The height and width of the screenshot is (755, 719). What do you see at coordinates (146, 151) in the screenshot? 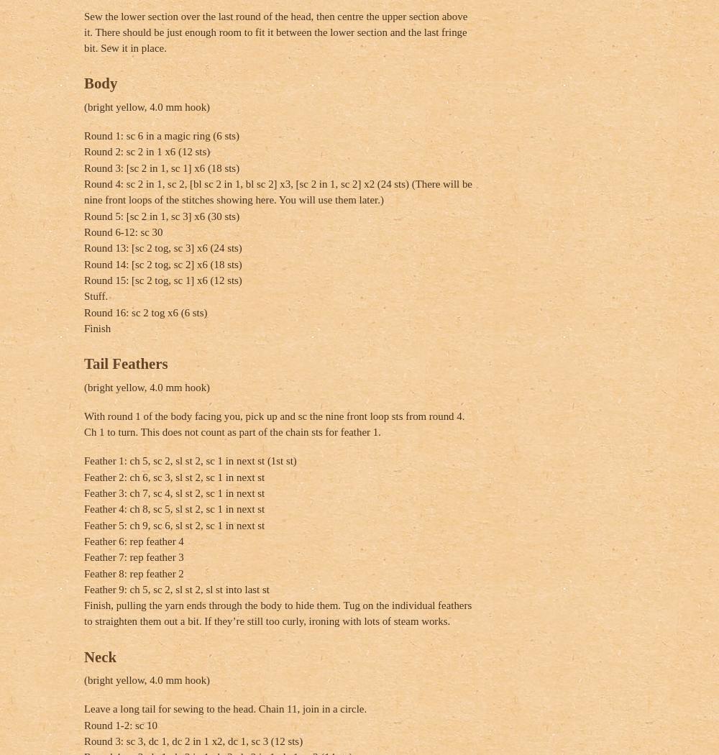
I see `'Round 2: sc 2 in 1 x6 (12 sts)'` at bounding box center [146, 151].